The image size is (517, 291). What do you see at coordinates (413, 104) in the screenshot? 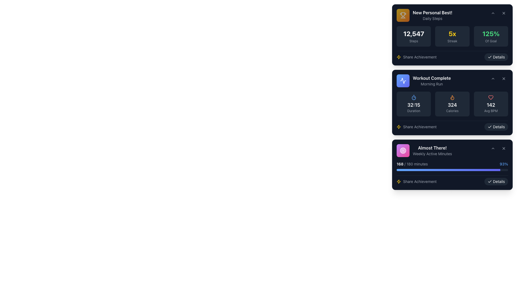
I see `the card displaying the metric '32:15' with the subheading 'Duration', which is located in the 'Workout Complete' section on the leftmost side among similar components` at bounding box center [413, 104].